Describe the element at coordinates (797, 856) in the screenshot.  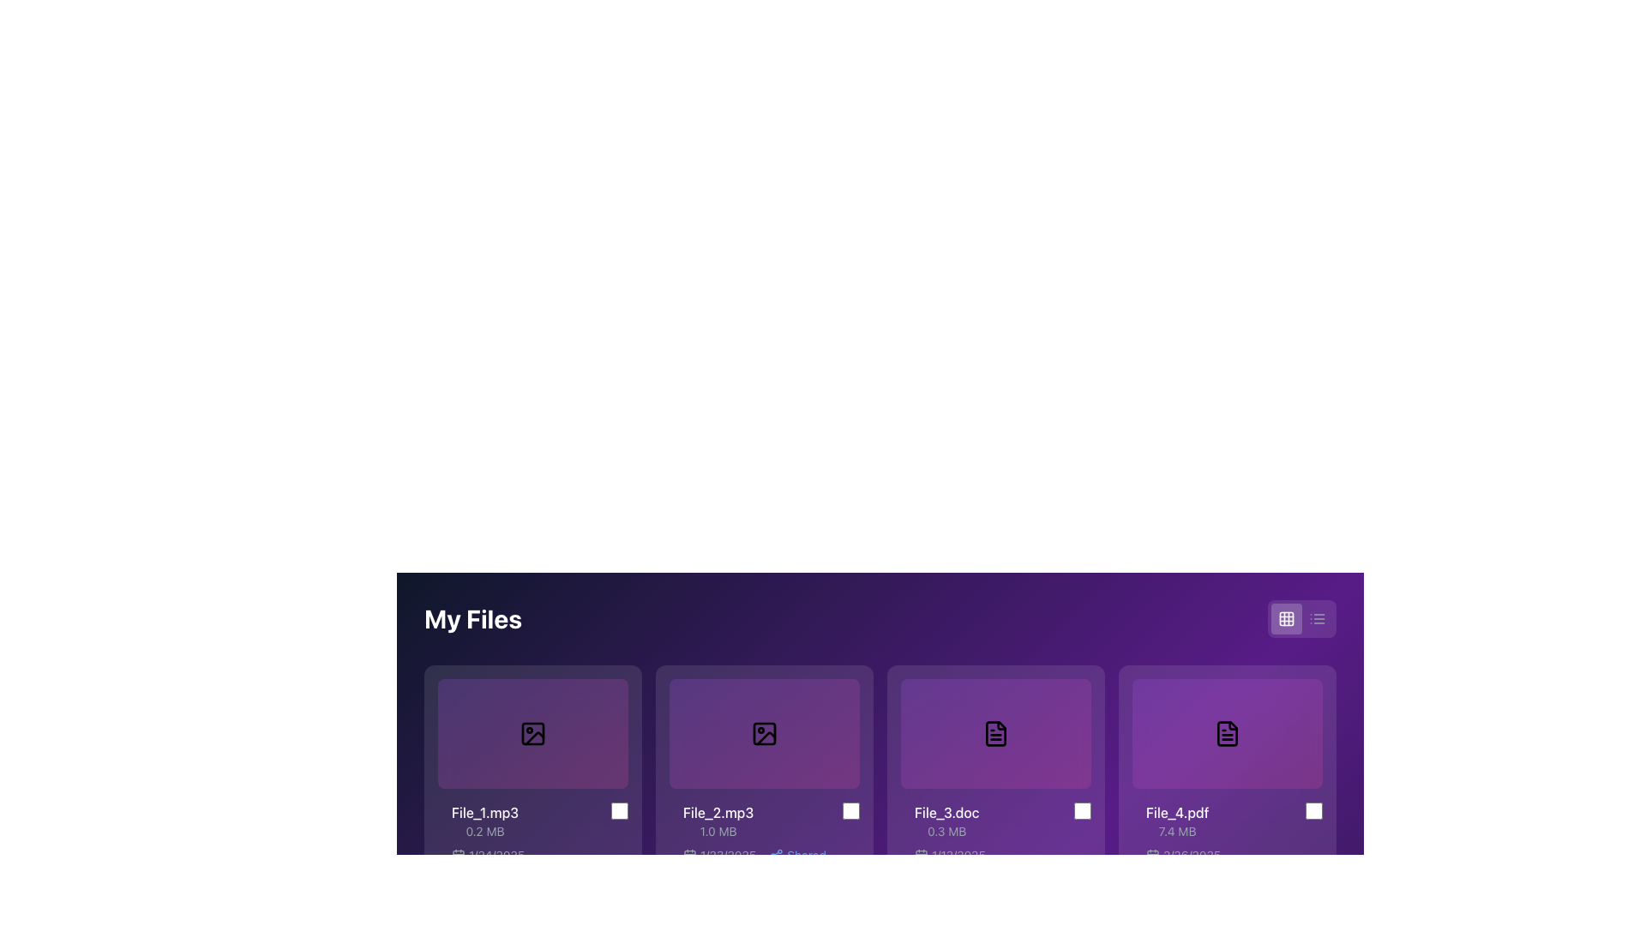
I see `the non-interactive status indicator label that indicates the associated file is a shared item, located below the file thumbnail of the second file and adjacent to the '1/23/2025' date text` at that location.